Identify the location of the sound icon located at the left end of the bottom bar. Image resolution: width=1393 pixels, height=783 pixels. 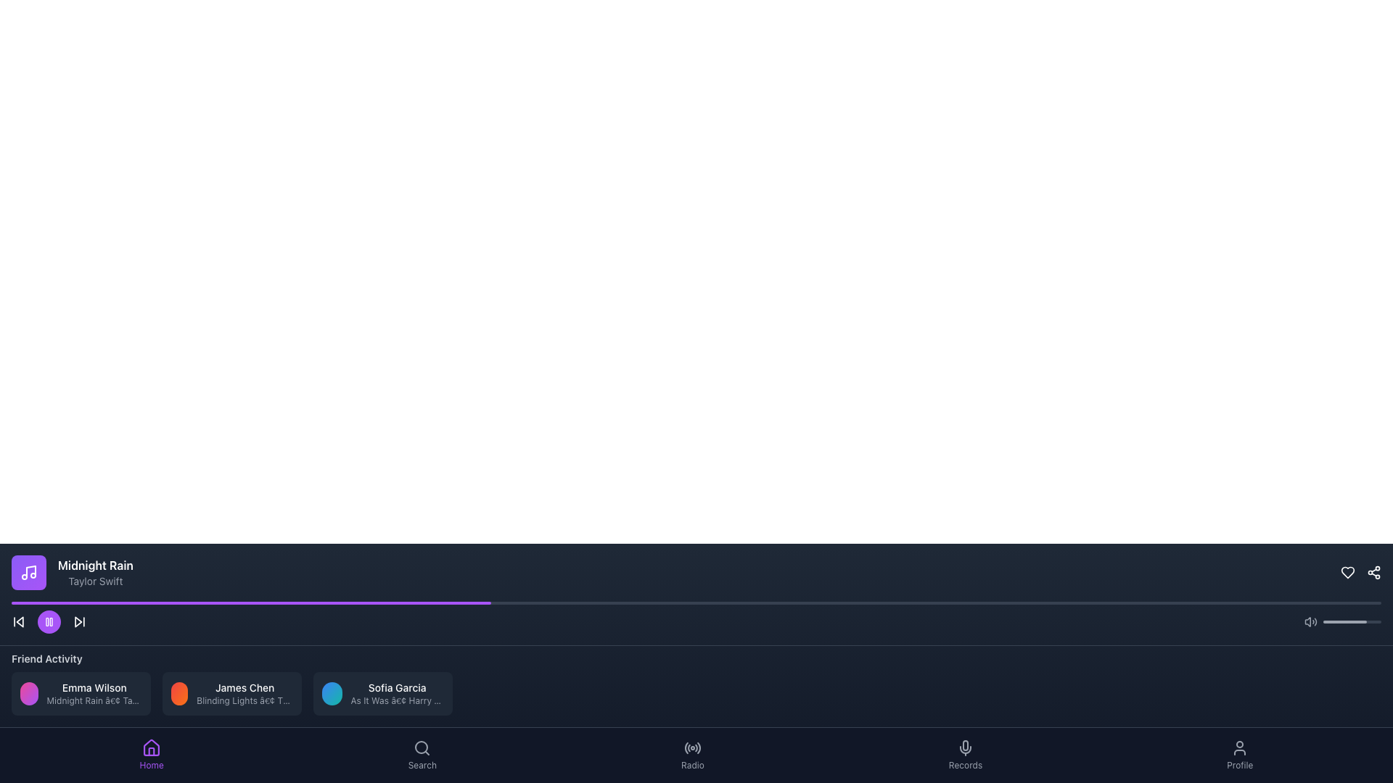
(1310, 621).